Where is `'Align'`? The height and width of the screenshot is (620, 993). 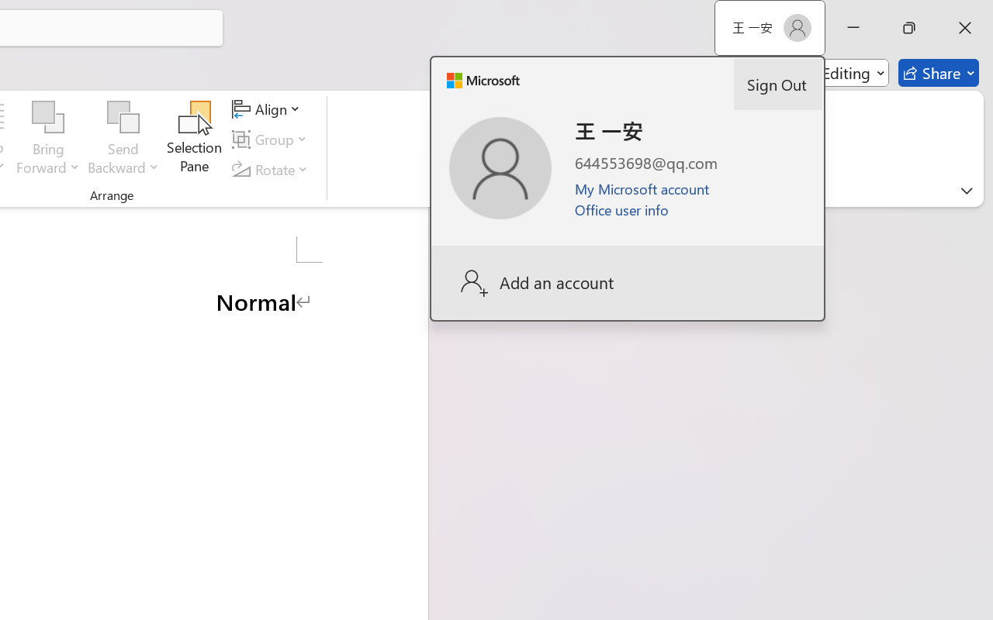
'Align' is located at coordinates (268, 109).